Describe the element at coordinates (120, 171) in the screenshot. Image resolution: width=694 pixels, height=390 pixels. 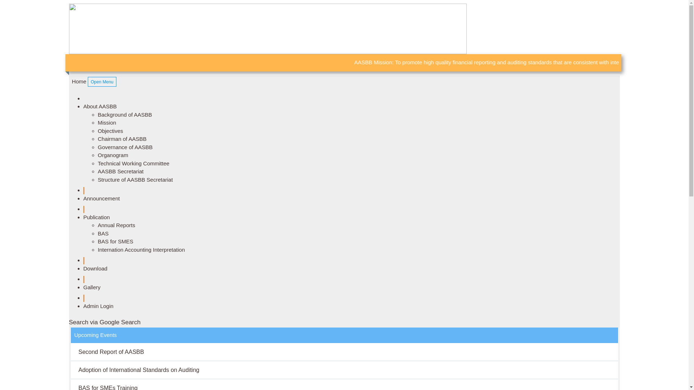
I see `'AASBB Secretariat'` at that location.